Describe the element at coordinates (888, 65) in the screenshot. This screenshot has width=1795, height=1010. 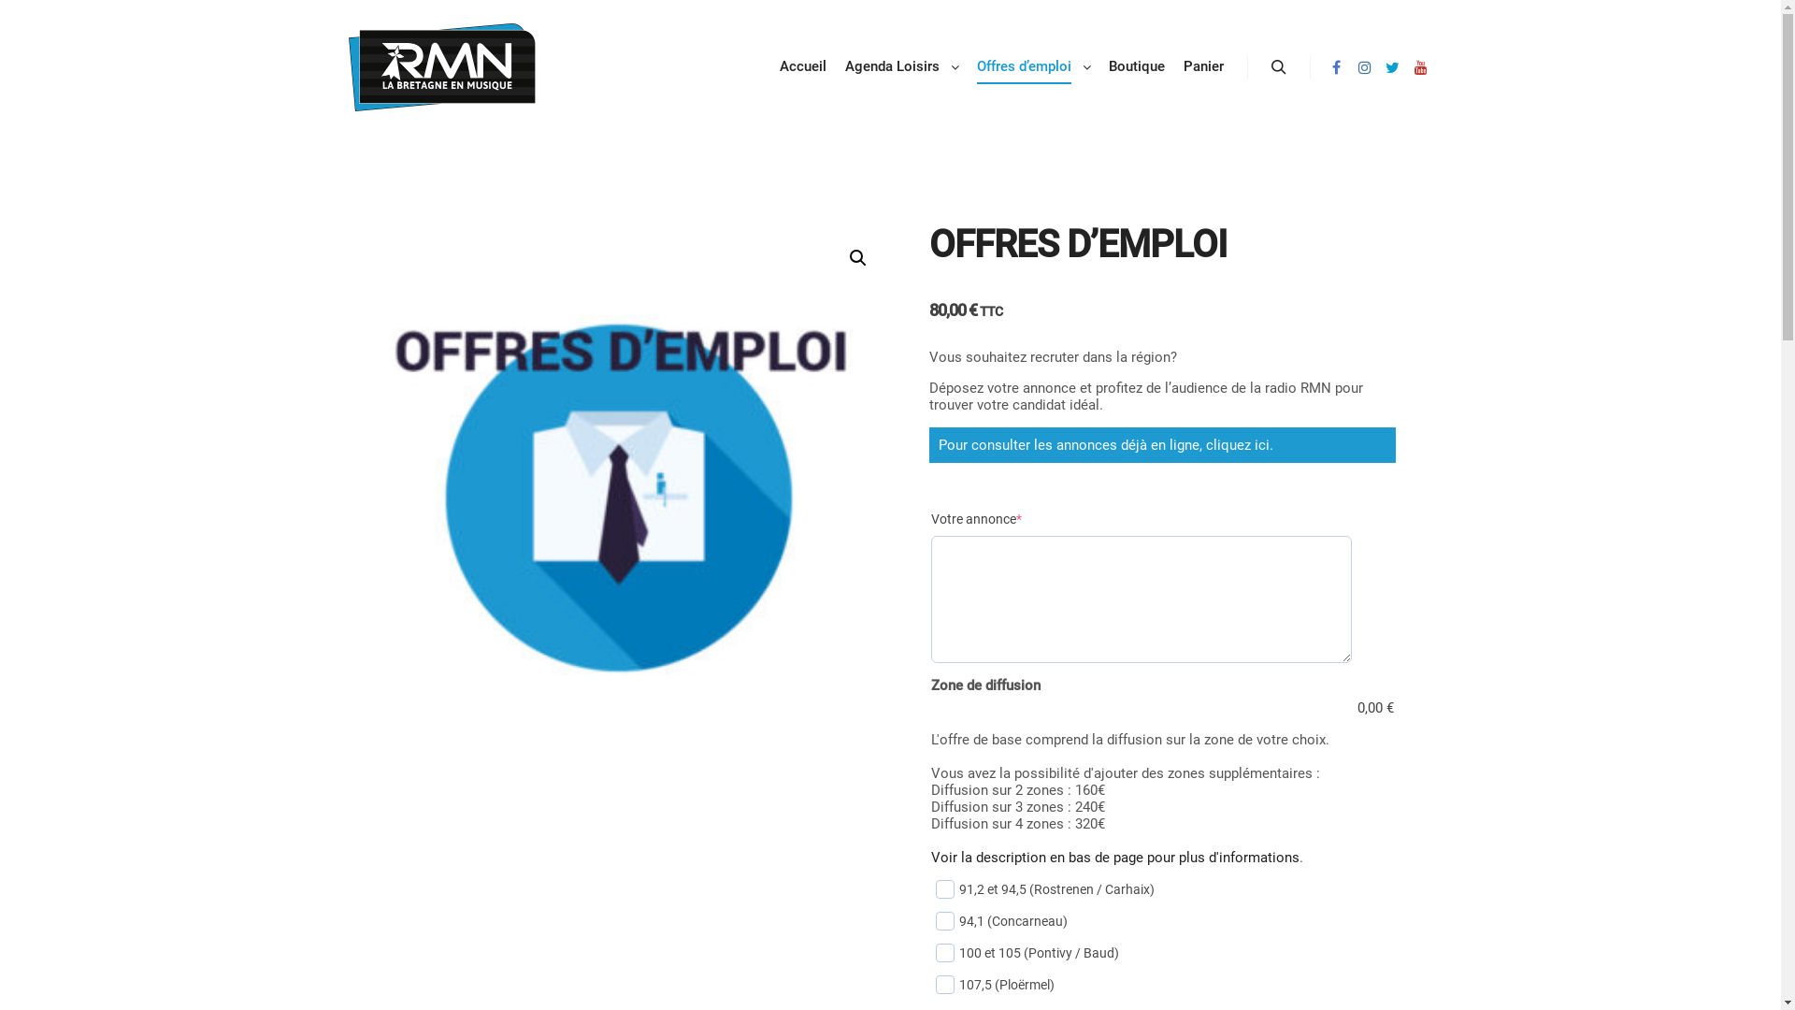
I see `'Agenda Loisirs'` at that location.